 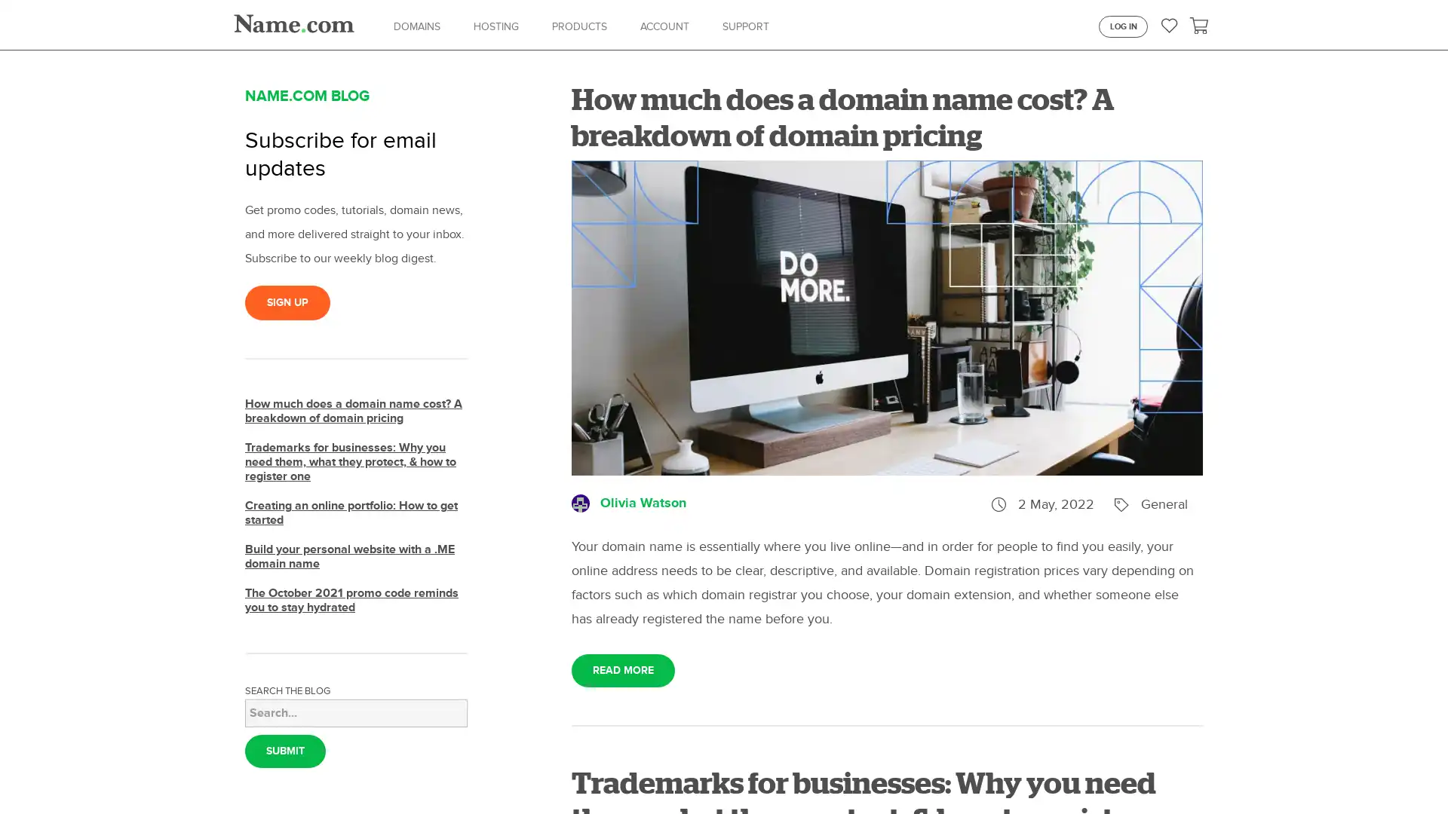 What do you see at coordinates (1053, 773) in the screenshot?
I see `Cookies Settings` at bounding box center [1053, 773].